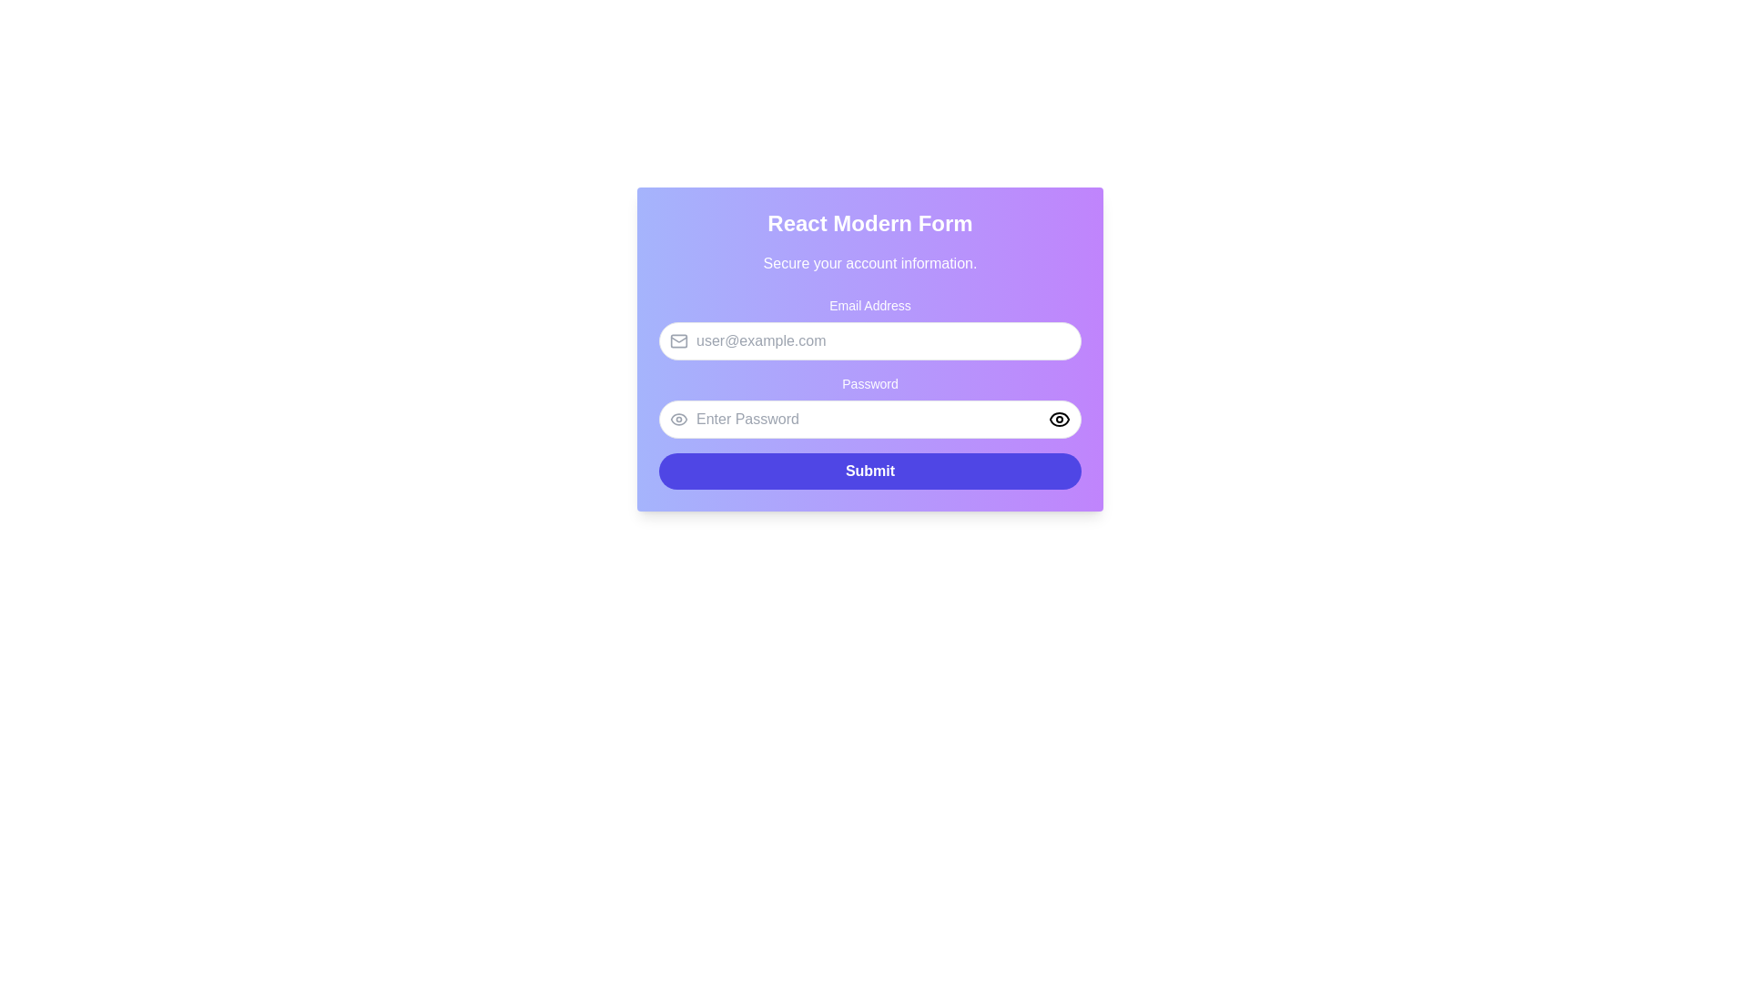 The height and width of the screenshot is (983, 1748). Describe the element at coordinates (869, 329) in the screenshot. I see `the email input field at the top of the form` at that location.